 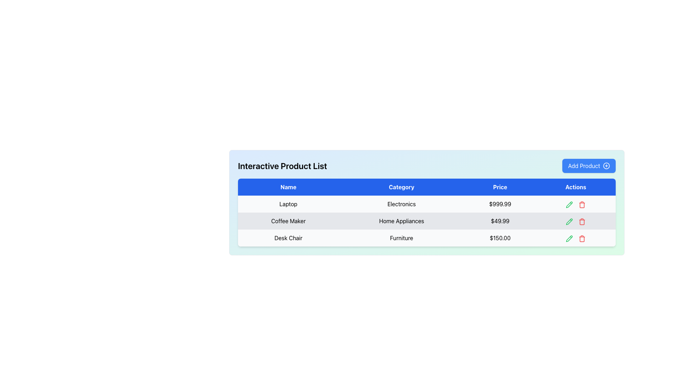 What do you see at coordinates (569, 221) in the screenshot?
I see `the edit icon button in the Actions column of the second row to initiate edit mode for the product 'Coffee Maker'` at bounding box center [569, 221].